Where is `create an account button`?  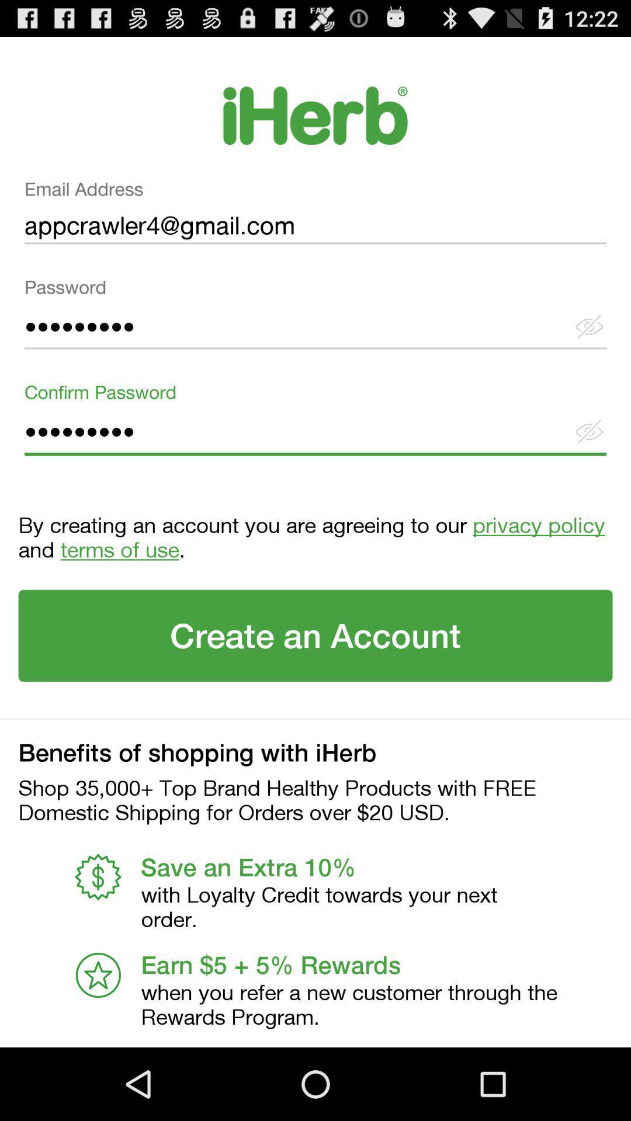 create an account button is located at coordinates (315, 635).